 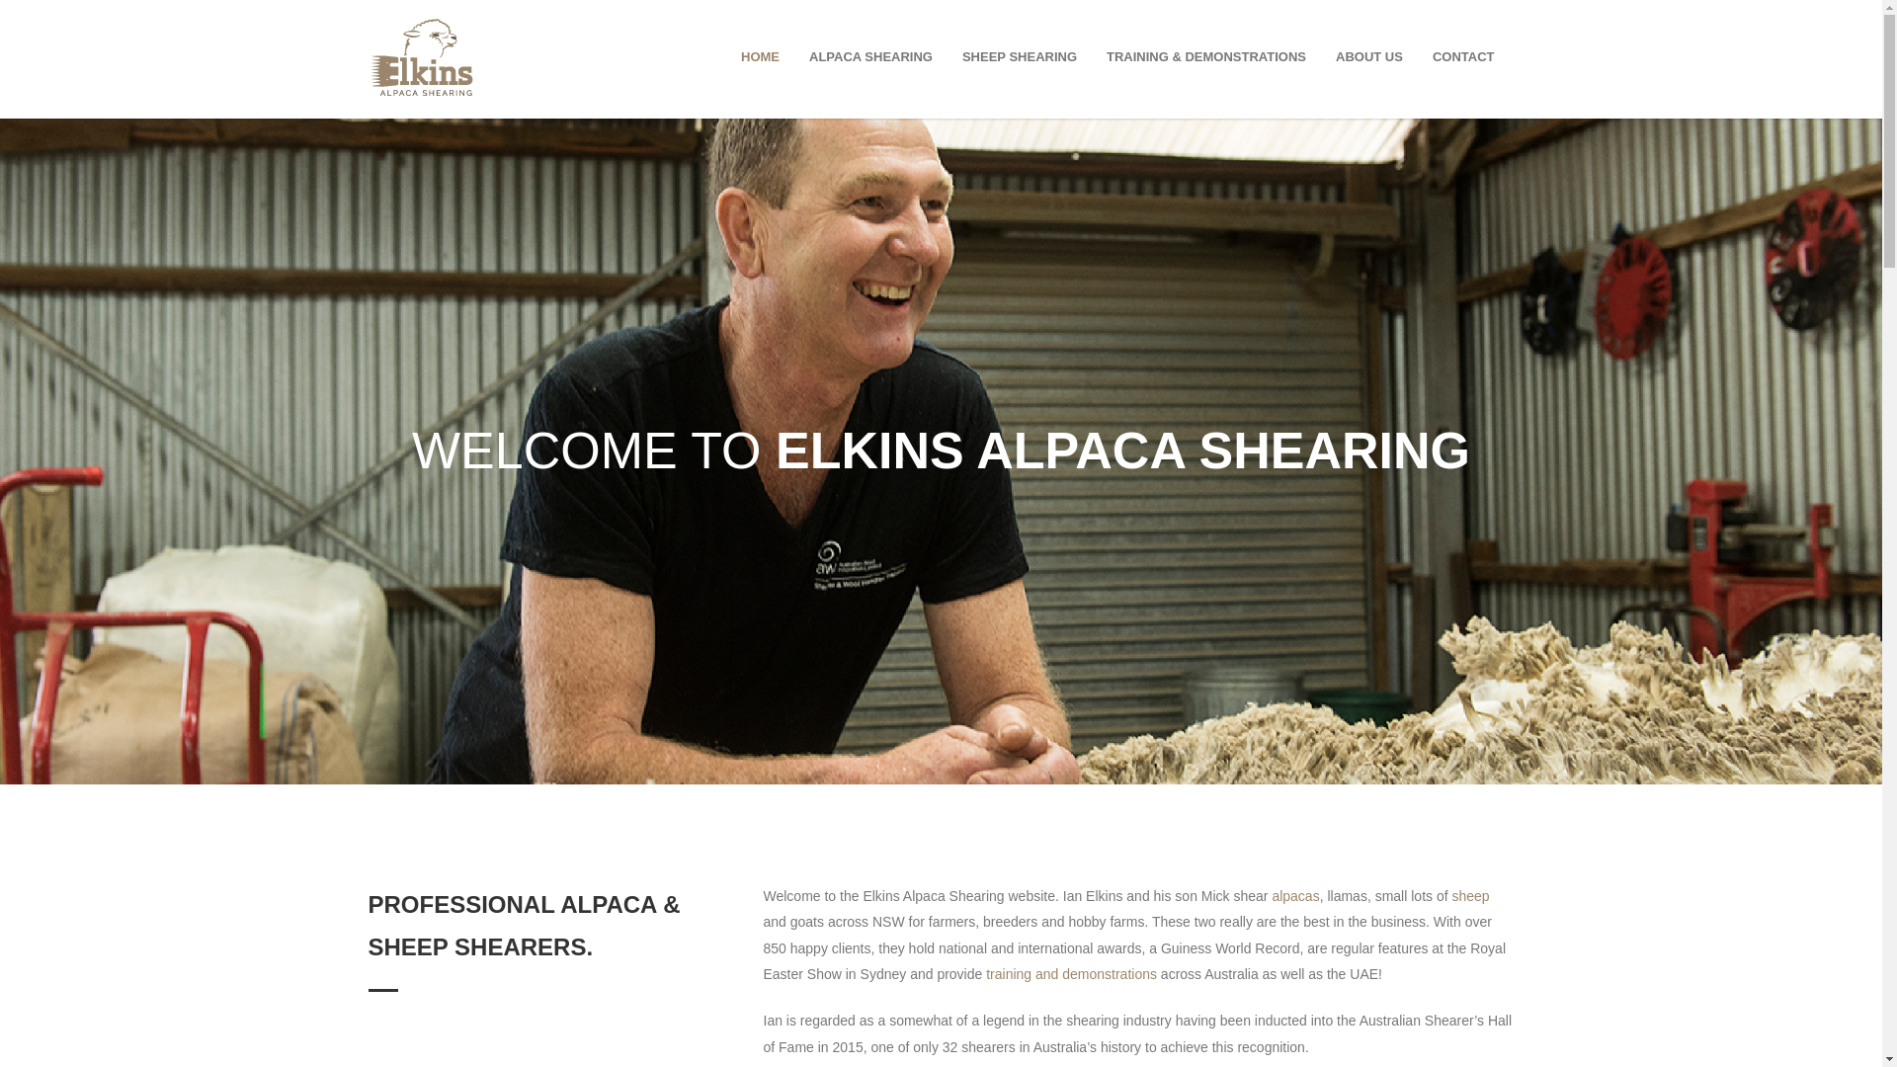 I want to click on 'ALPACA SHEARING', so click(x=869, y=55).